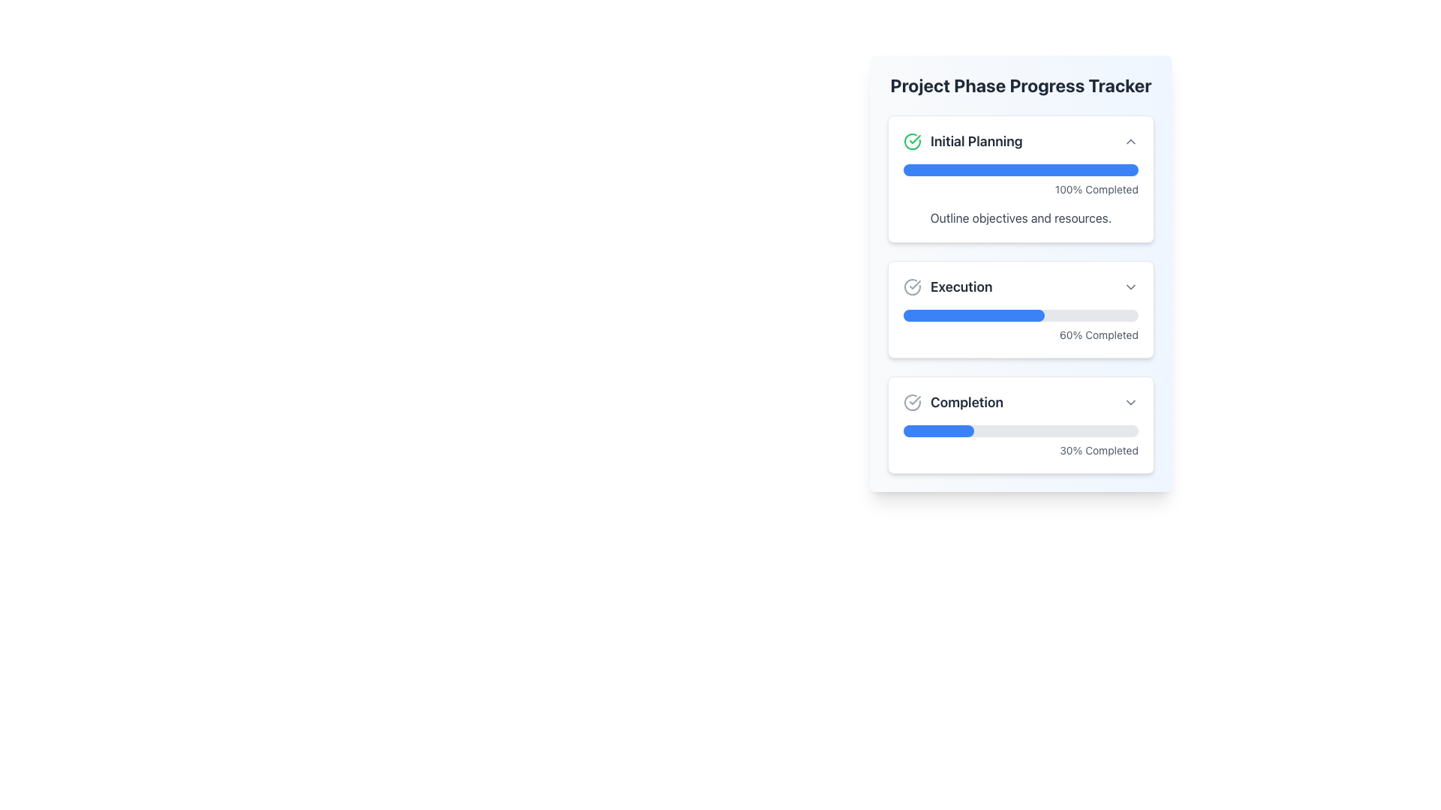 The height and width of the screenshot is (810, 1441). I want to click on the text label displaying 'Completion', which is styled in bold and dark gray, located in the third section of a vertical stack of progress stages, so click(967, 401).